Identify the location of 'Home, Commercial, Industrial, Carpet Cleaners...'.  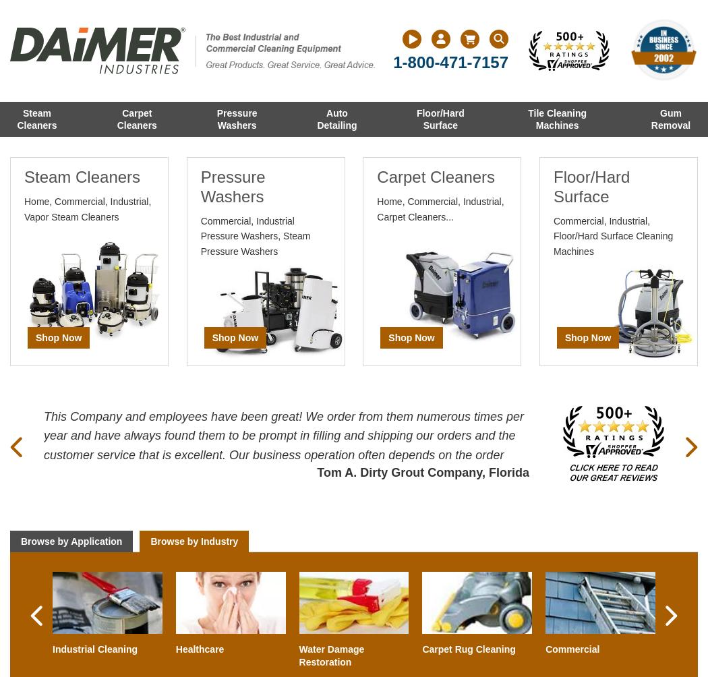
(439, 209).